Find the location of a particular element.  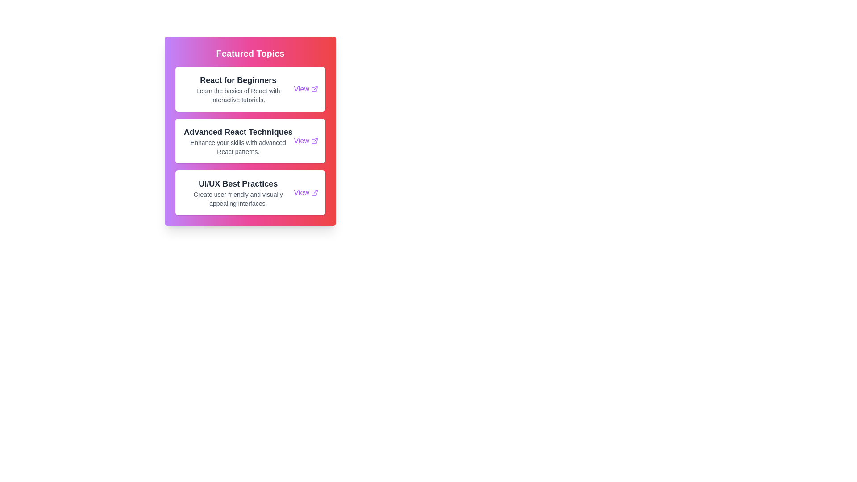

the 'View' hyperlink with a purple font and external link icon is located at coordinates (306, 89).